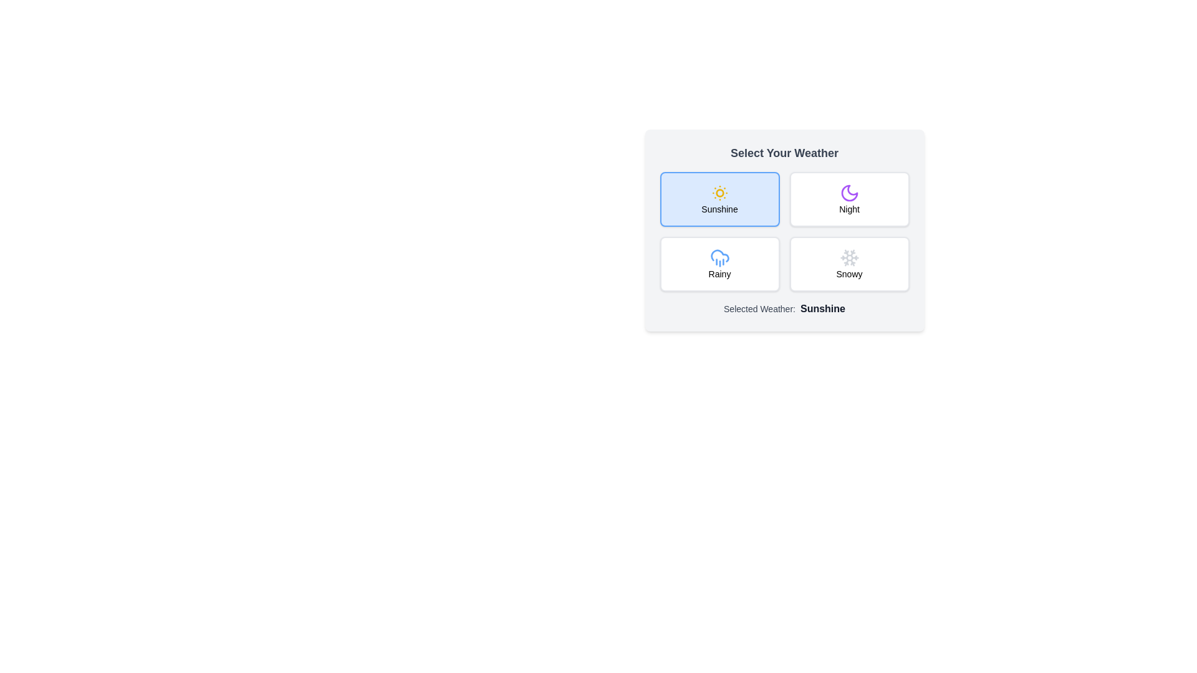 The width and height of the screenshot is (1197, 673). What do you see at coordinates (719, 264) in the screenshot?
I see `the weather option Rainy by clicking its respective button` at bounding box center [719, 264].